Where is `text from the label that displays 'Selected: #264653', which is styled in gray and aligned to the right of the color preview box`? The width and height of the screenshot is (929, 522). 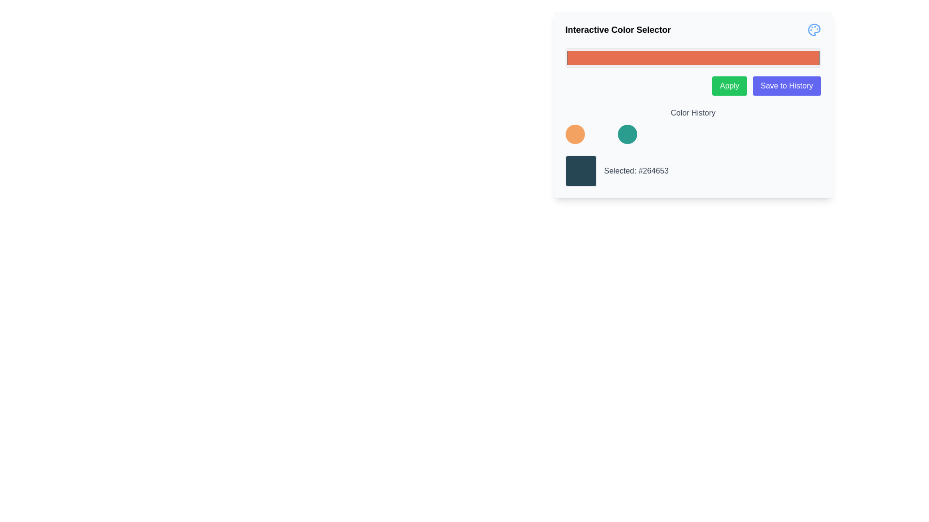 text from the label that displays 'Selected: #264653', which is styled in gray and aligned to the right of the color preview box is located at coordinates (636, 171).